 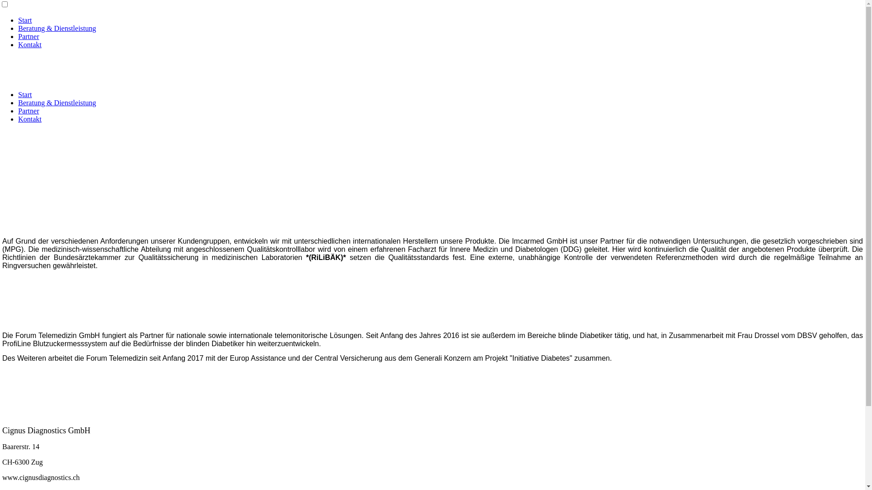 What do you see at coordinates (25, 20) in the screenshot?
I see `'Start'` at bounding box center [25, 20].